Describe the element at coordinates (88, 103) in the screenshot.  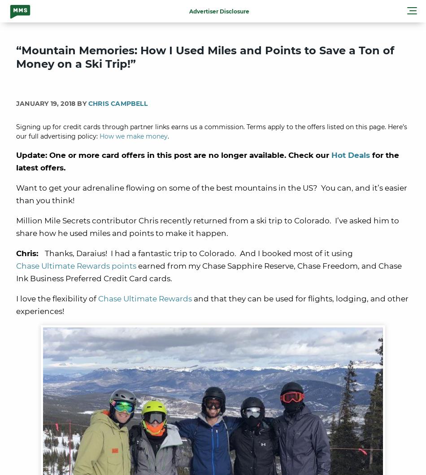
I see `'Chris Campbell'` at that location.